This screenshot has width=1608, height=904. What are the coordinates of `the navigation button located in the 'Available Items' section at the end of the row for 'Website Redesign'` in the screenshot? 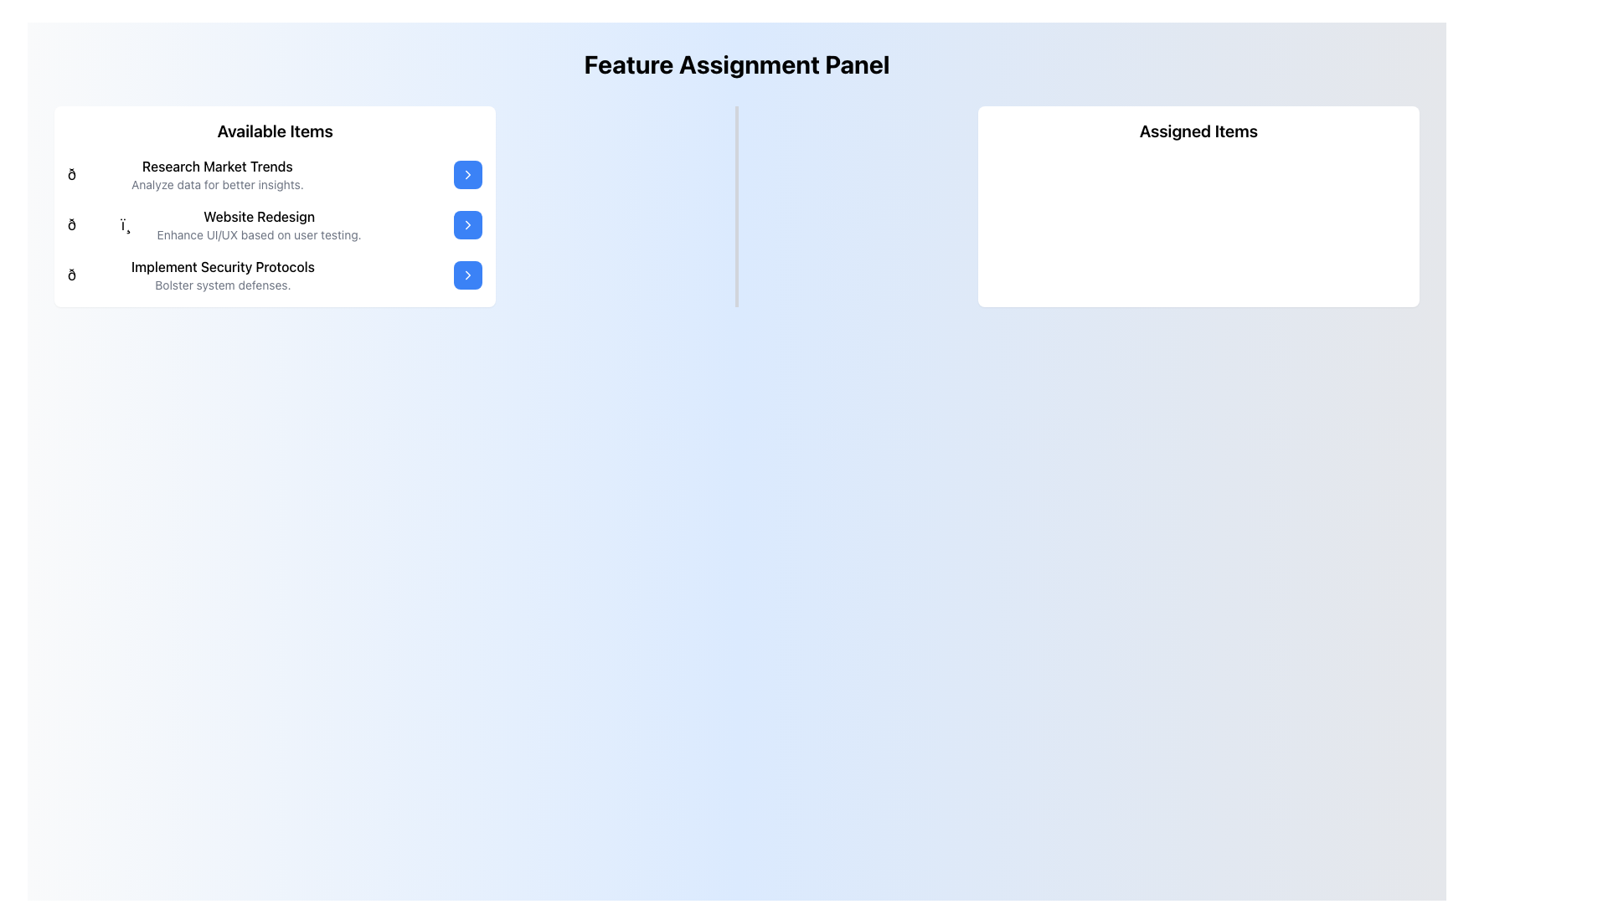 It's located at (468, 224).